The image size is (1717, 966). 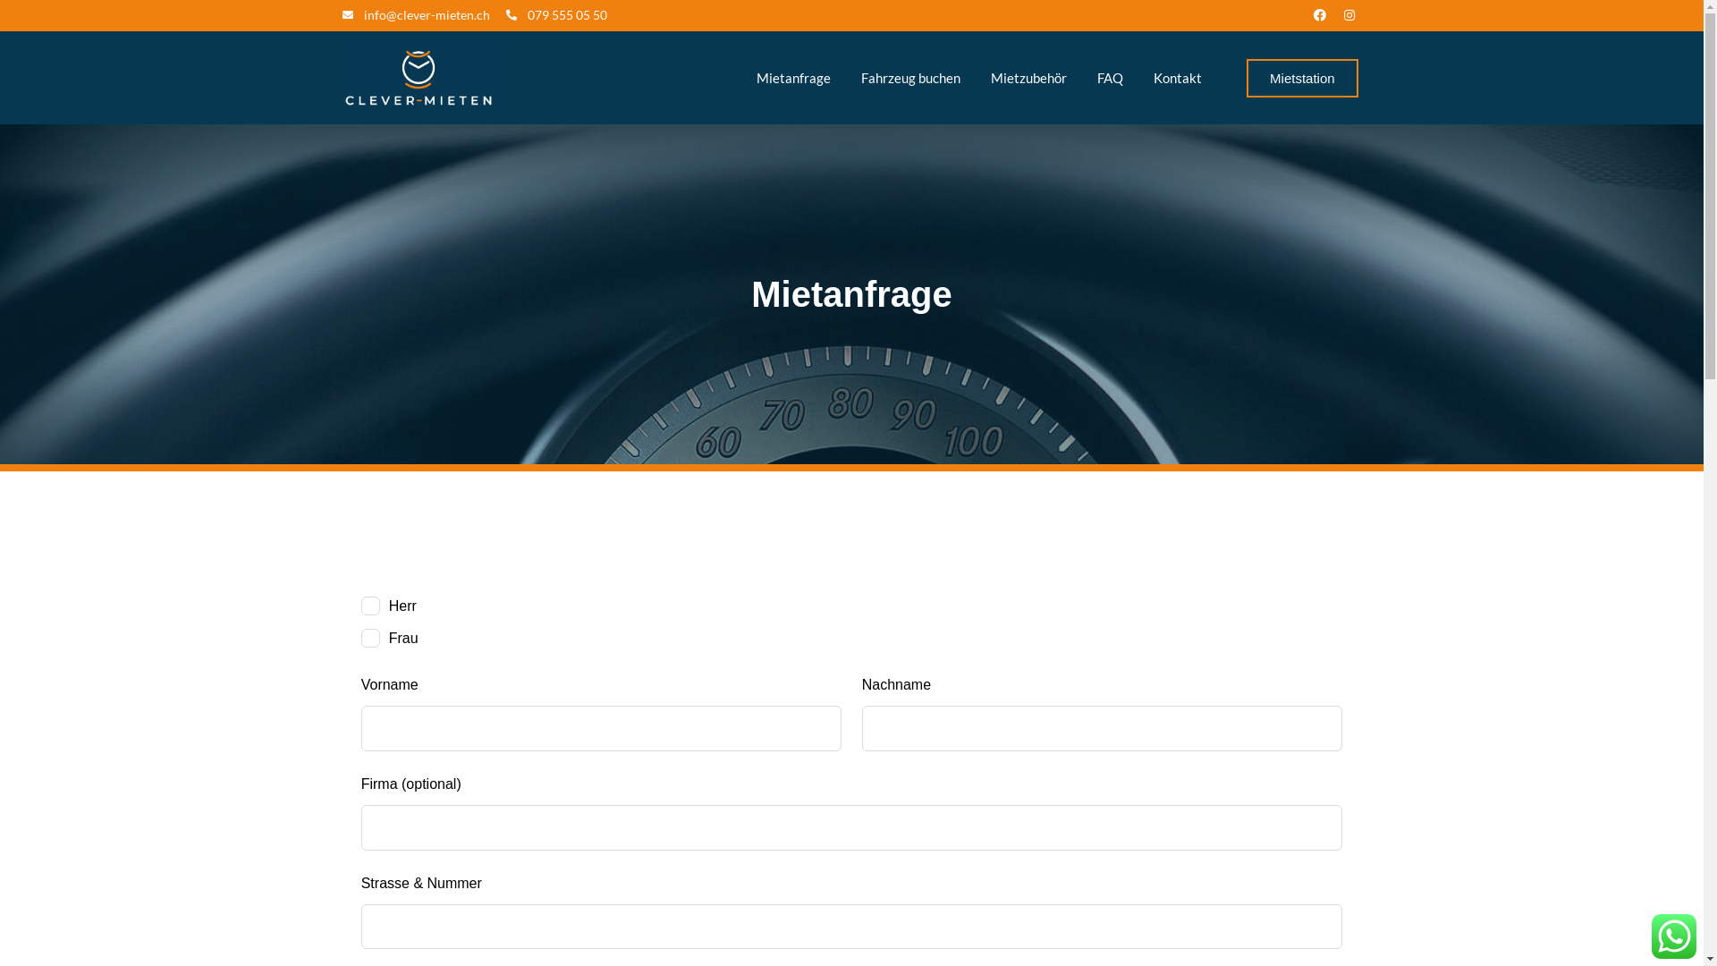 I want to click on 'Kontakt', so click(x=1177, y=77).